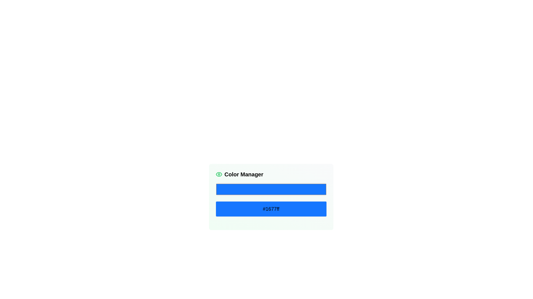  I want to click on the button-like informational display showing the hexadecimal color value '#1677ff' located at the bottom of the 'Color Manager' component, so click(271, 209).